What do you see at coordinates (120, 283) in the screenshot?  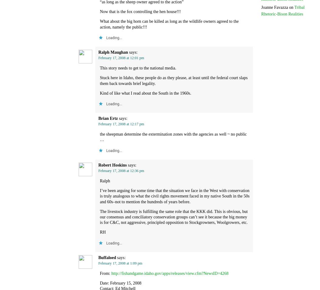 I see `'Date:	February 15, 2008'` at bounding box center [120, 283].